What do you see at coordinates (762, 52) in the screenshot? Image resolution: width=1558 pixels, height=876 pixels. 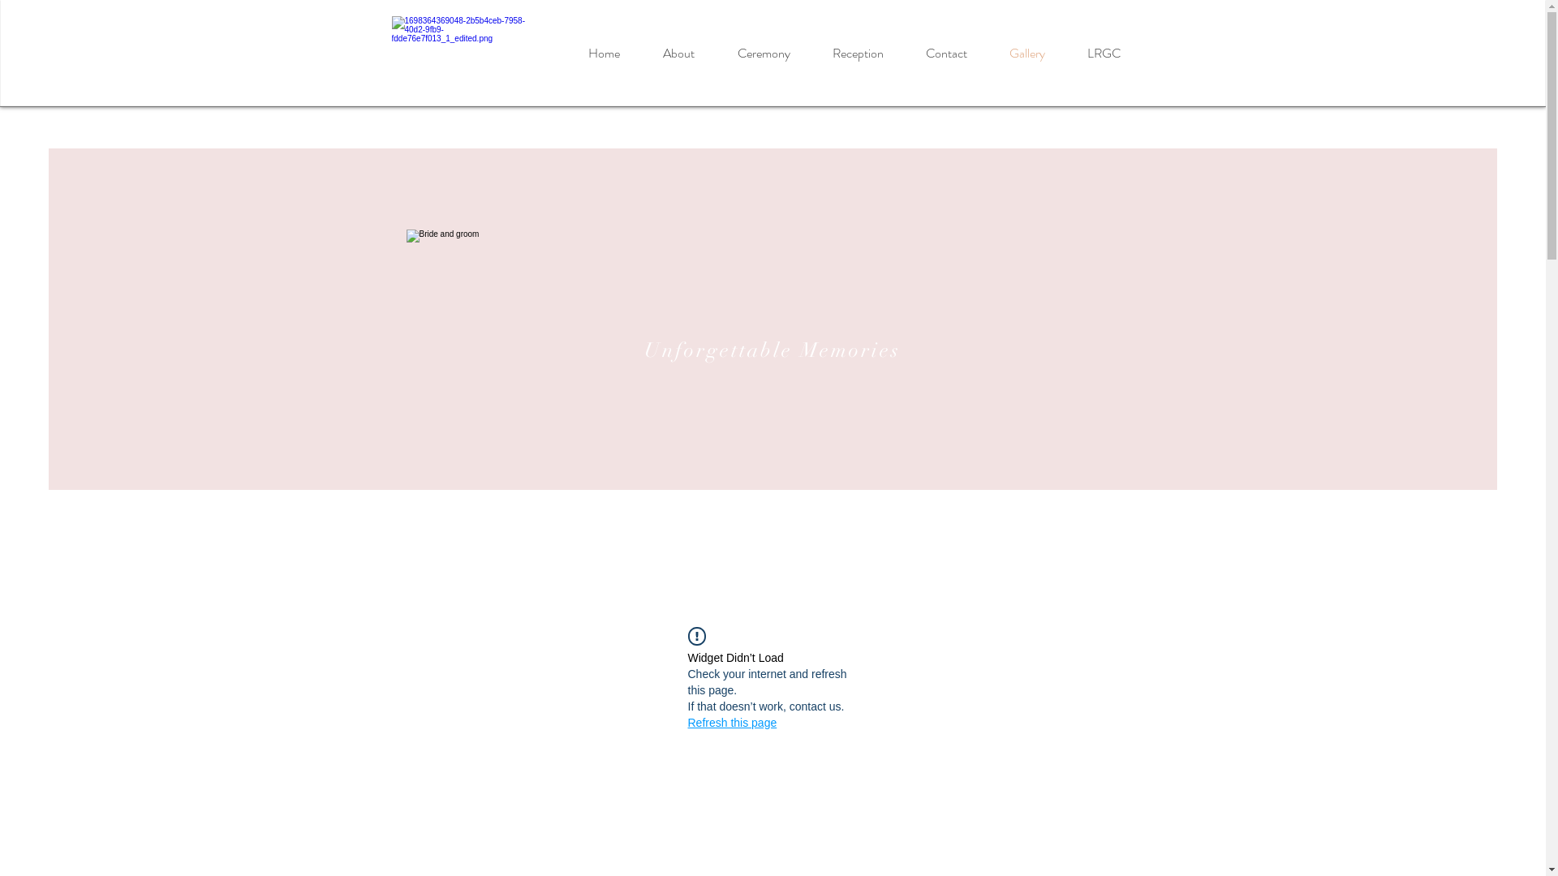 I see `'Ceremony'` at bounding box center [762, 52].